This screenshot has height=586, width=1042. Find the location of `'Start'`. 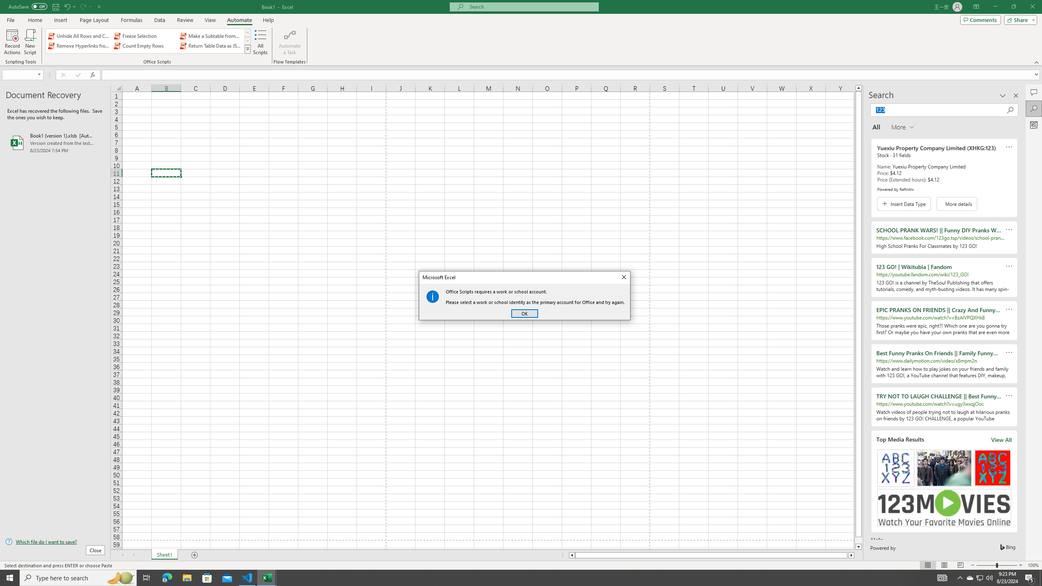

'Start' is located at coordinates (10, 577).